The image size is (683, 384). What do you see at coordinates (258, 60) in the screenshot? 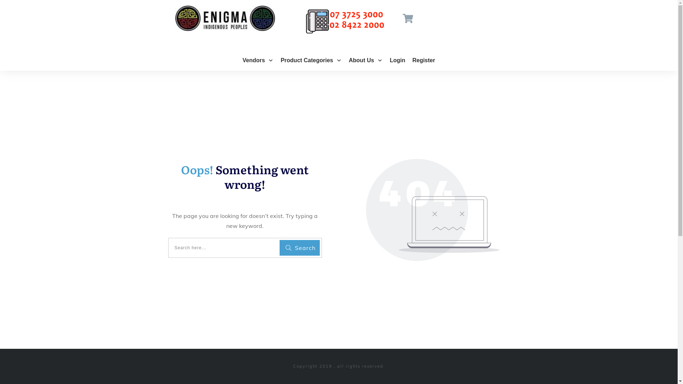
I see `'Vendors'` at bounding box center [258, 60].